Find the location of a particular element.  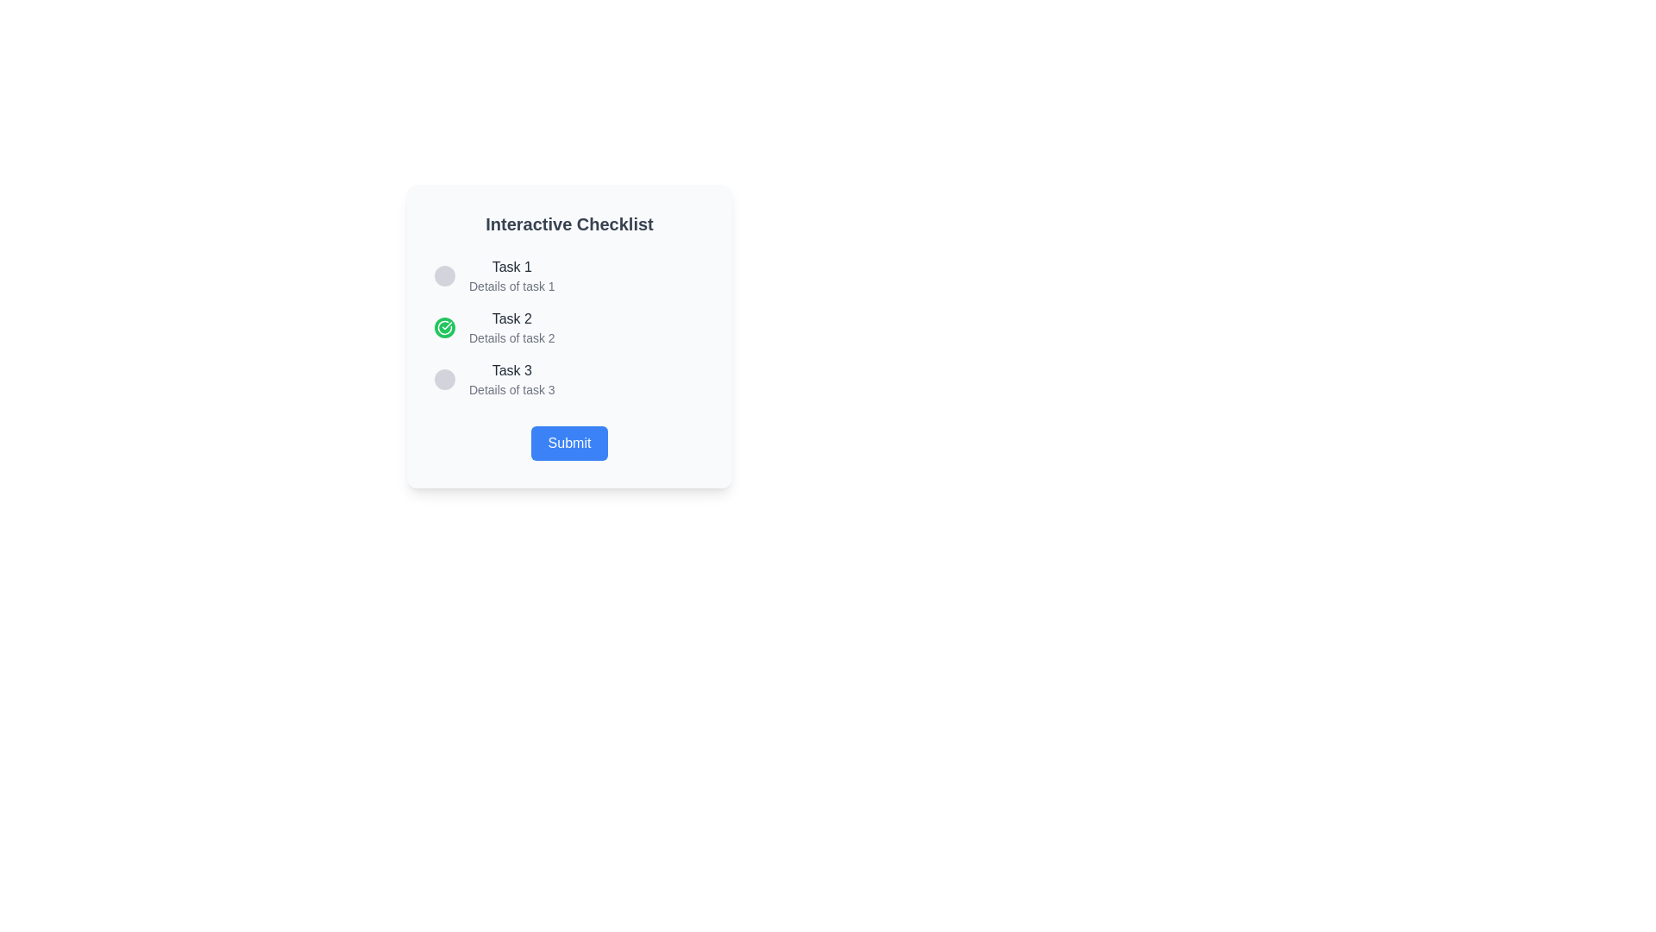

the Decorative icon or status indicator, which is a circular outline with a green background and a white checkmark, located to the left of the text 'Task 2' is located at coordinates (444, 328).